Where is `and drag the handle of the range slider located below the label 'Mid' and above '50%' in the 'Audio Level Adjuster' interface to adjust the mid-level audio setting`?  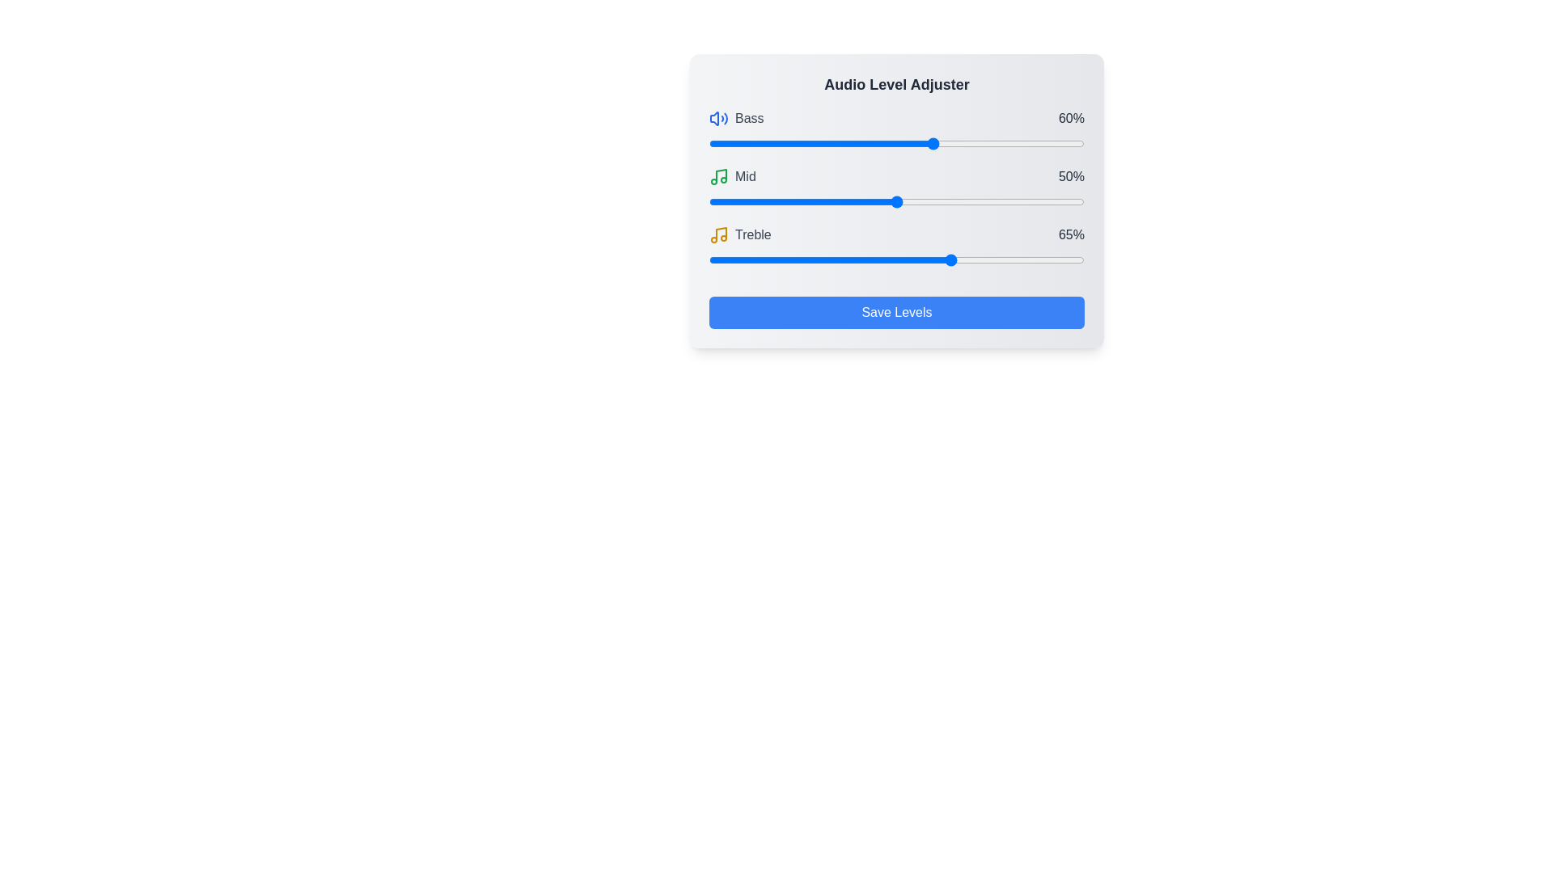 and drag the handle of the range slider located below the label 'Mid' and above '50%' in the 'Audio Level Adjuster' interface to adjust the mid-level audio setting is located at coordinates (895, 201).